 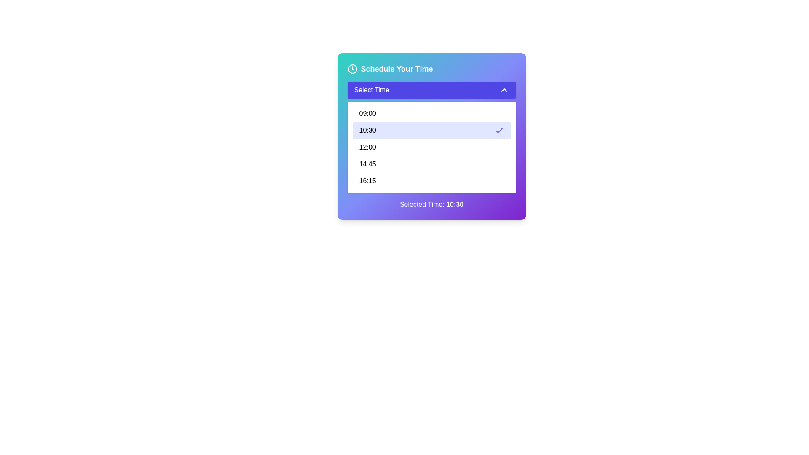 What do you see at coordinates (371, 90) in the screenshot?
I see `text content of the label indicating the purpose of the dropdown menu for selecting a time value, located at the center of the dropdown button` at bounding box center [371, 90].